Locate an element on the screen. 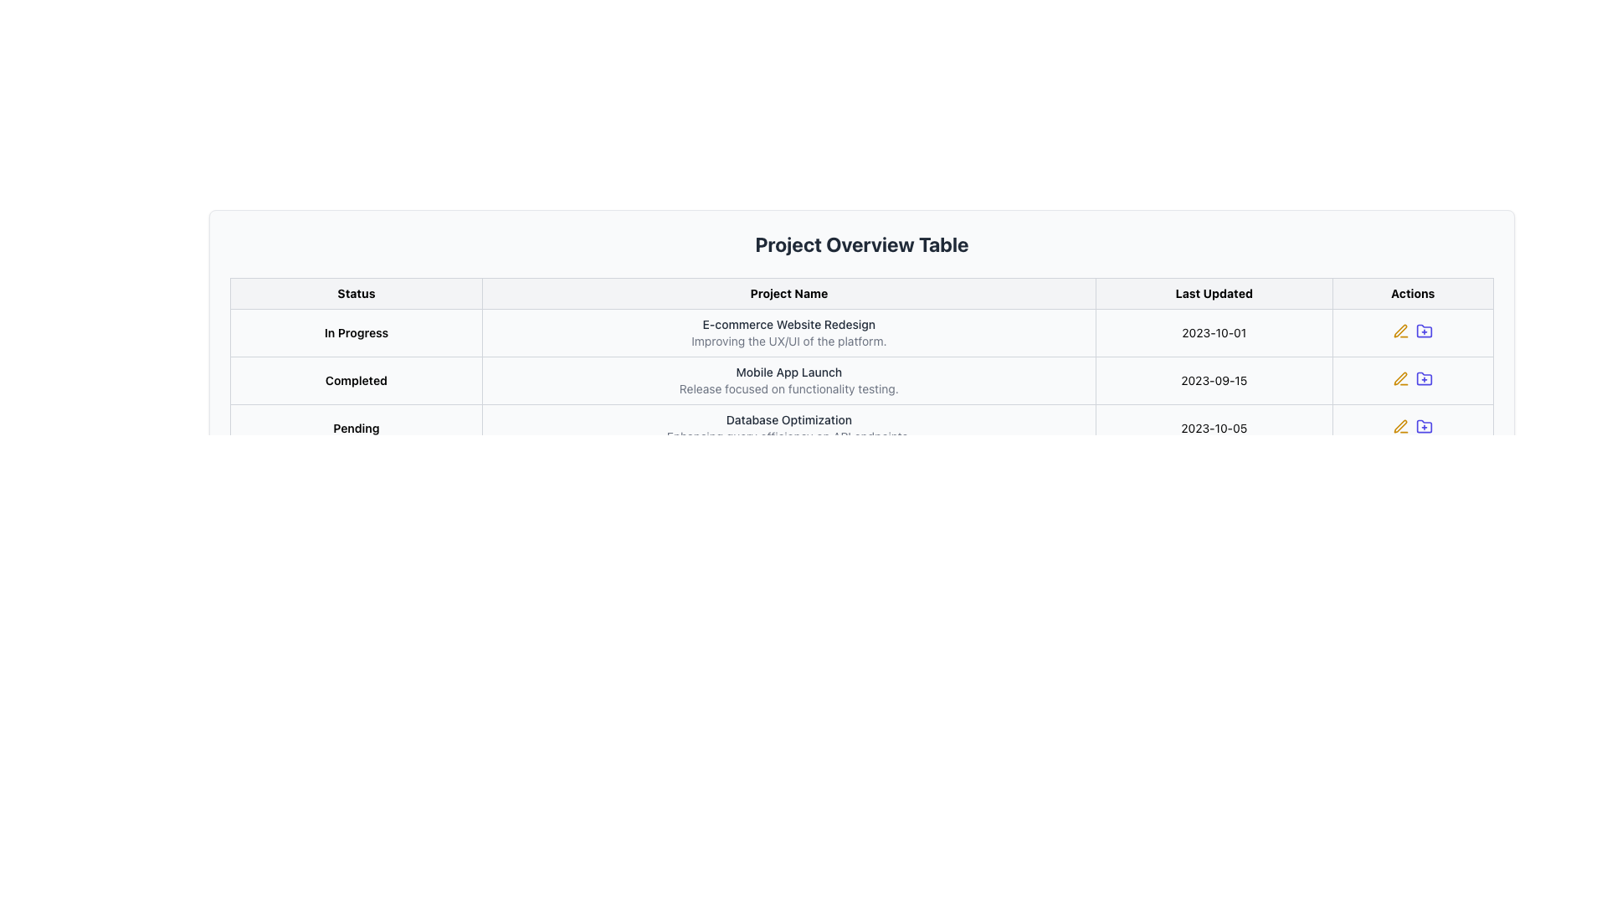  the text display element containing the text 'Improving the UX/UI of the platform.', which is styled in a smaller font and light gray color, located below the 'E-commerce Website Redesign' element is located at coordinates (788, 341).